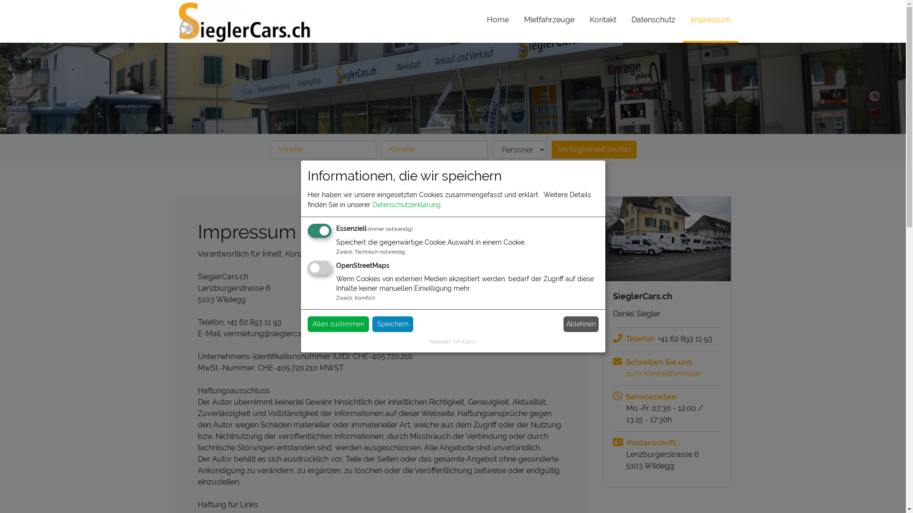 Image resolution: width=913 pixels, height=513 pixels. I want to click on 'Mietfahrzeuge', so click(515, 25).